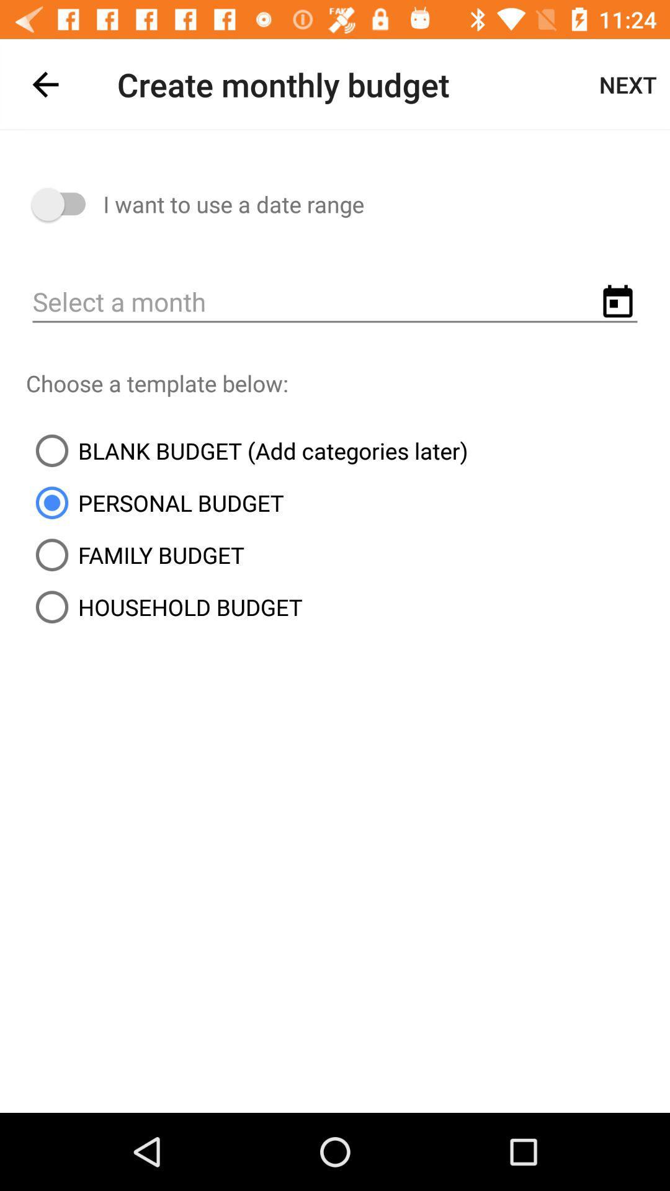 The width and height of the screenshot is (670, 1191). I want to click on the item above family budget, so click(154, 502).